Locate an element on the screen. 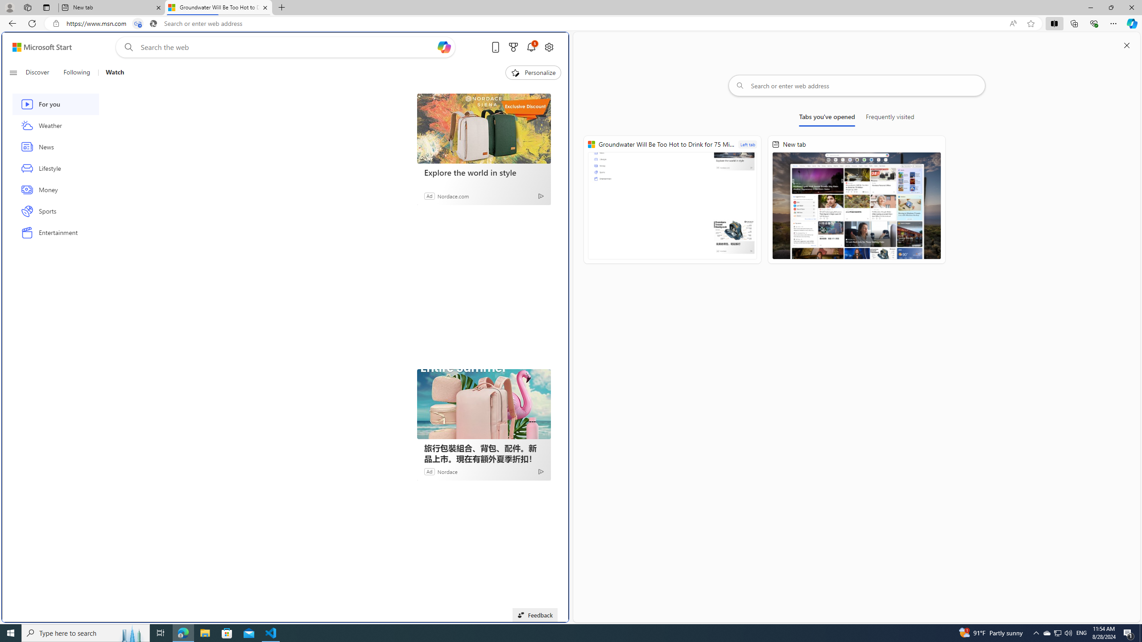 The width and height of the screenshot is (1142, 642). 'Open navigation menu' is located at coordinates (12, 72).